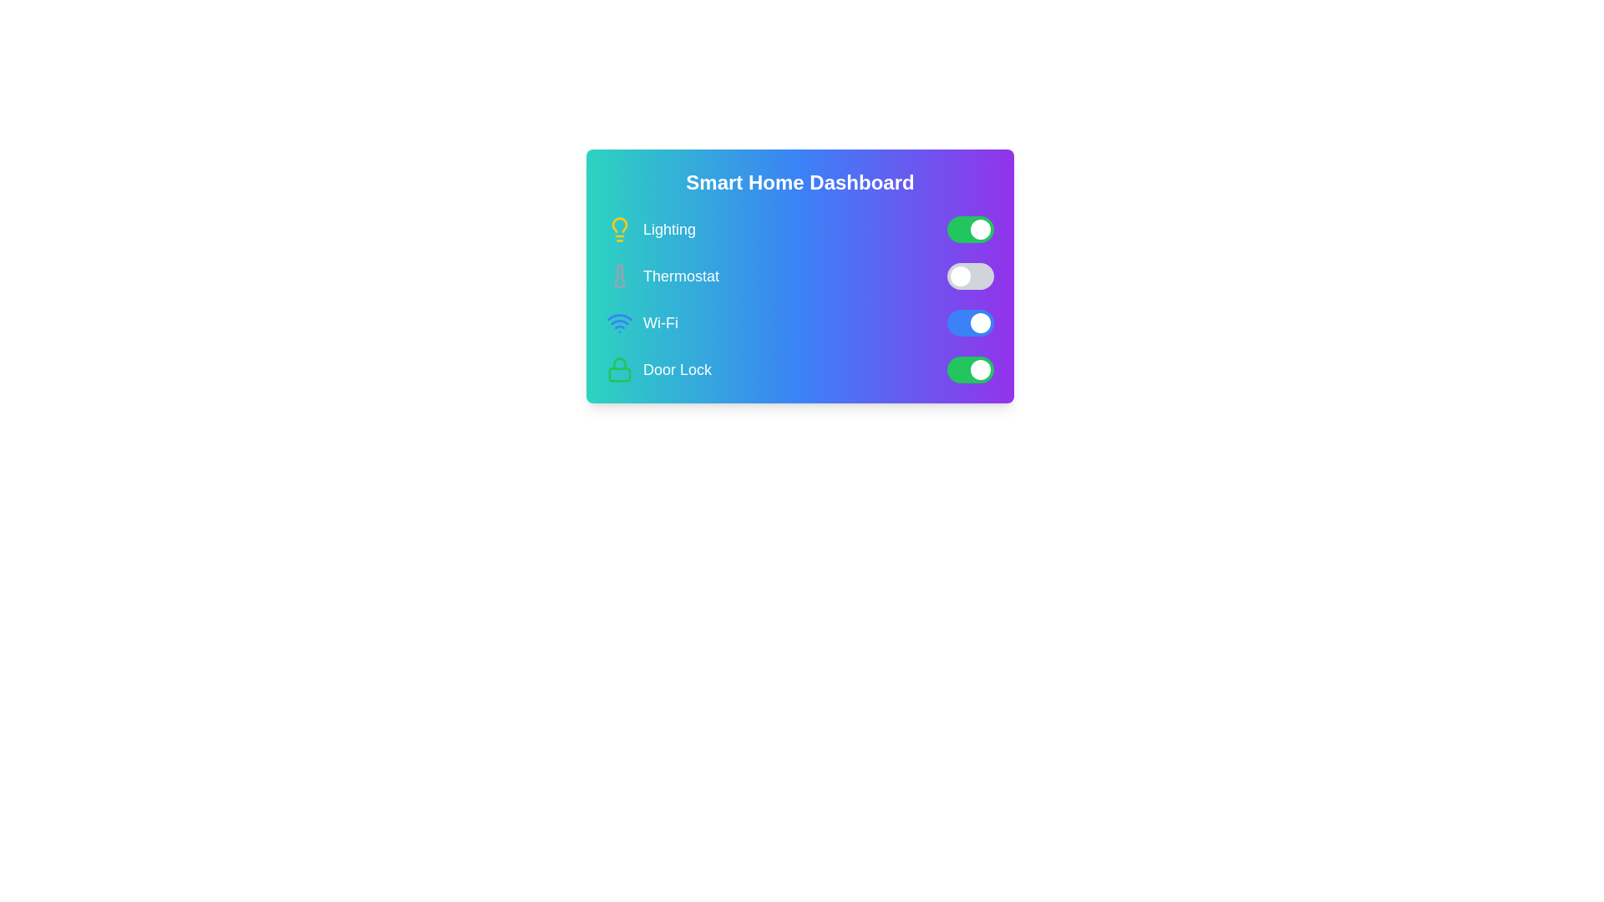  Describe the element at coordinates (981, 369) in the screenshot. I see `the toggle switch indicator for the 'Door Lock' feature, which is the rightmost part of the toggle switch` at that location.